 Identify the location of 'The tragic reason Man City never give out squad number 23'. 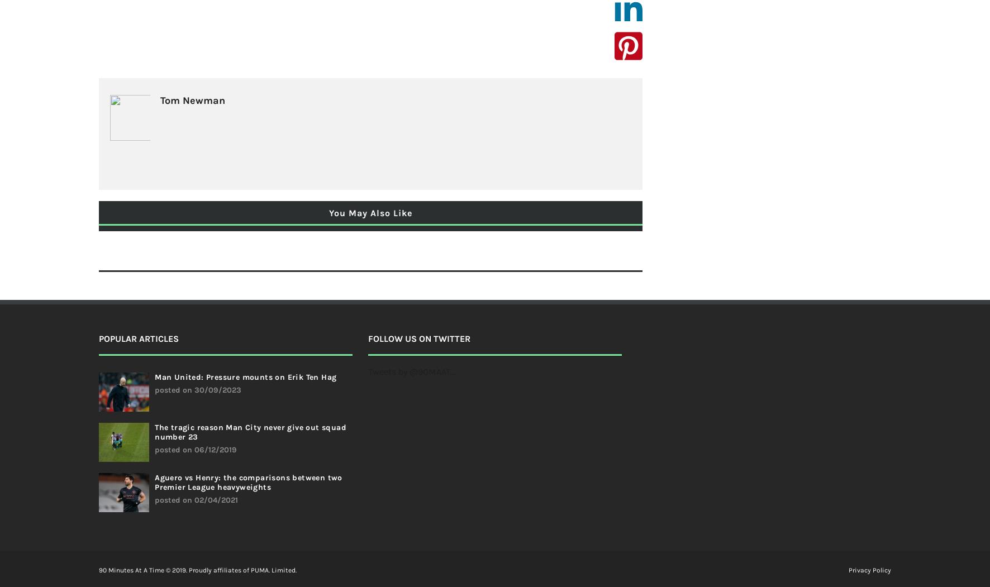
(250, 431).